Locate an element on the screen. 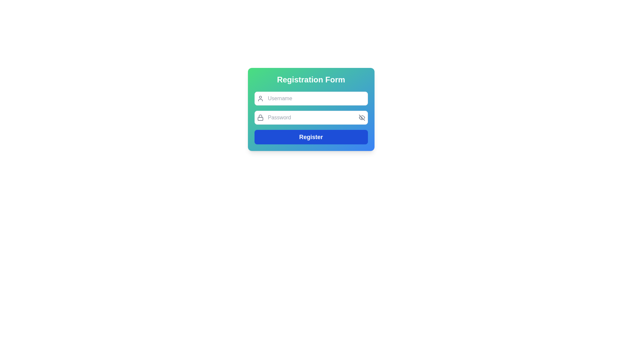  the eye-off icon button located at the right extremity of the password input field is located at coordinates (361, 117).